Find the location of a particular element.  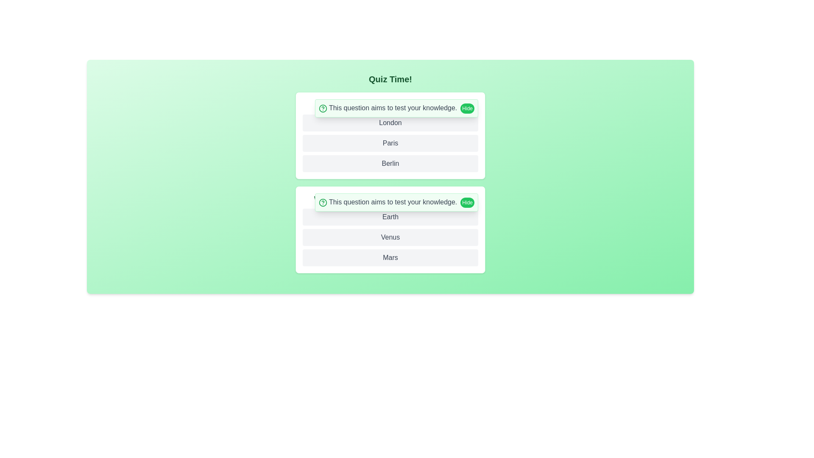

the hide button located to the right of the text 'This question aims to test your knowledge.' to hide the associated content is located at coordinates (467, 108).